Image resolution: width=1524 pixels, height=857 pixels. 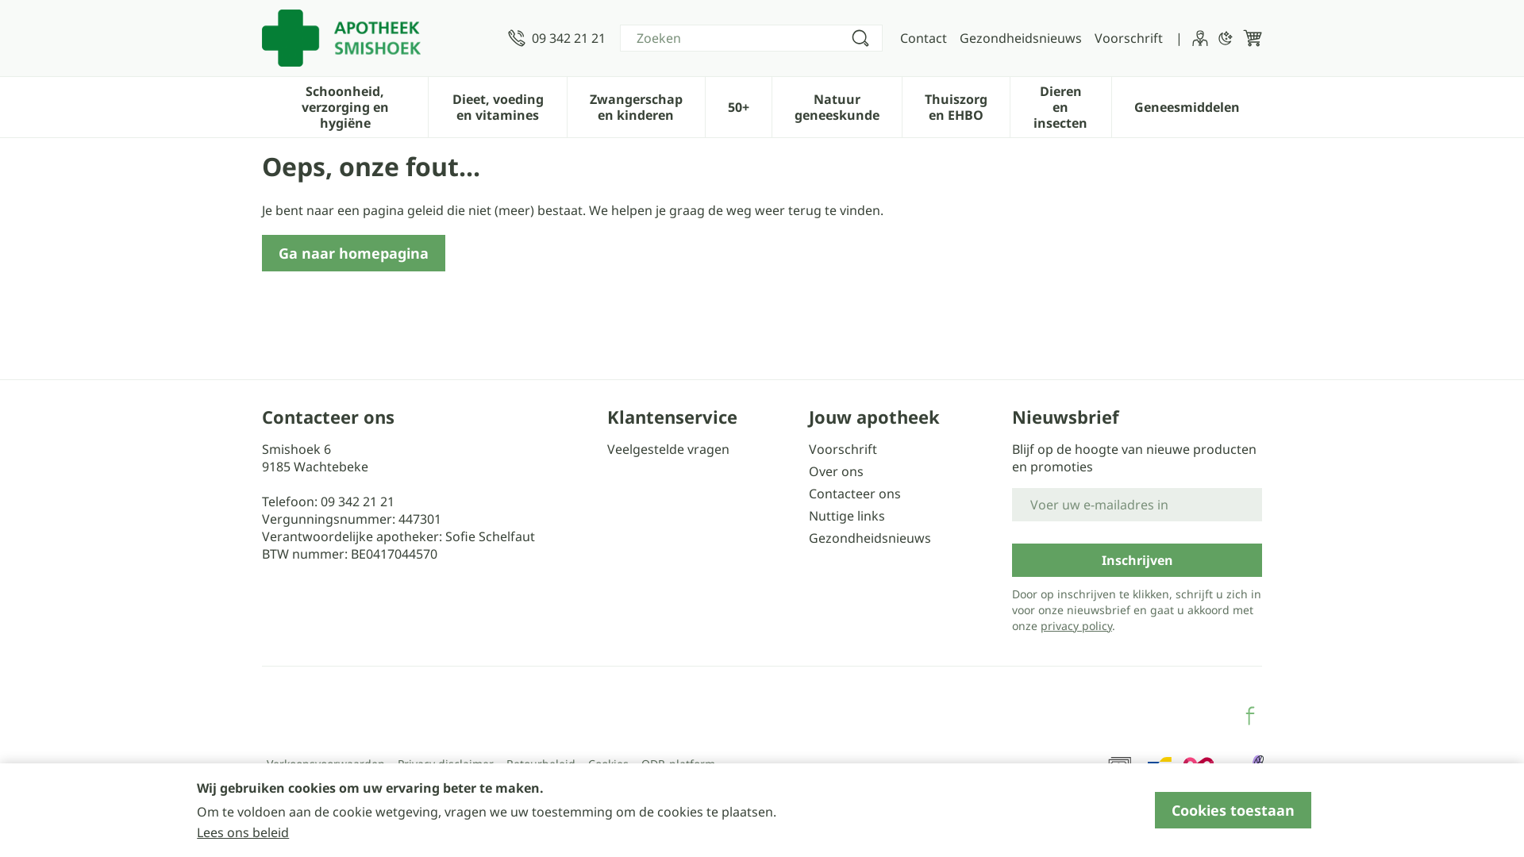 I want to click on 'Retourbeleid', so click(x=506, y=763).